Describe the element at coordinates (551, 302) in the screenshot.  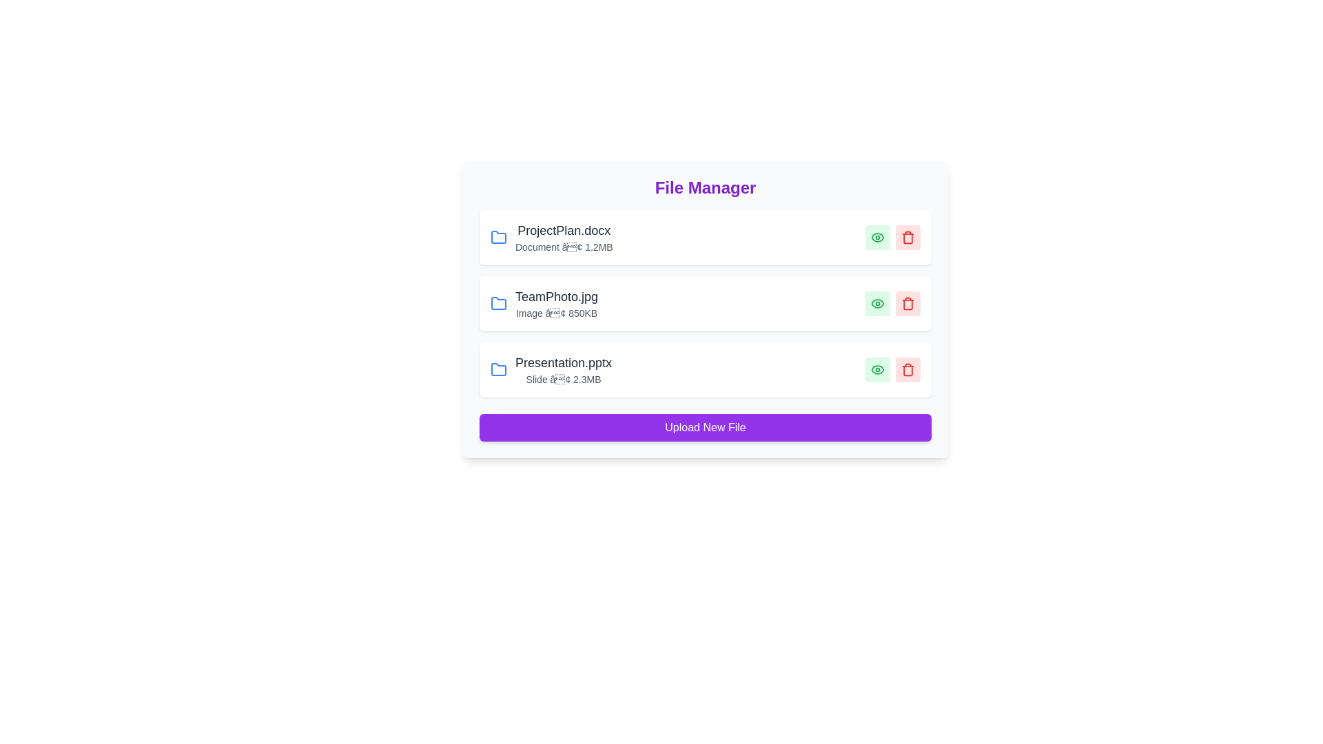
I see `the file TeamPhoto.jpg to open its context menu` at that location.